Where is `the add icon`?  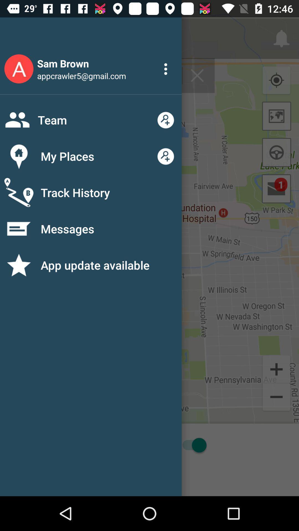
the add icon is located at coordinates (276, 369).